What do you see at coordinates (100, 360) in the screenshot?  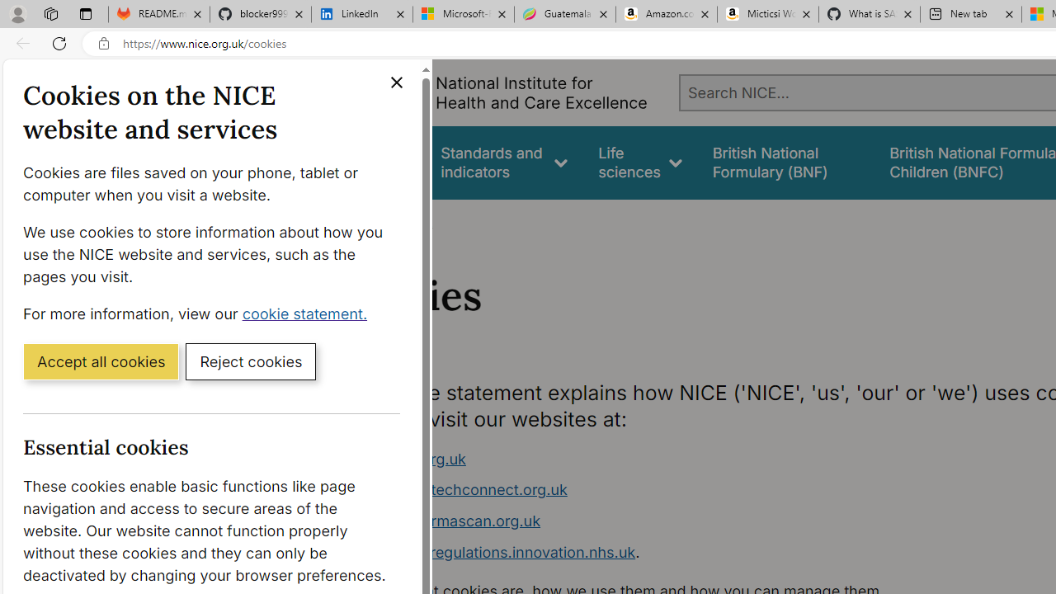 I see `'Accept all cookies'` at bounding box center [100, 360].